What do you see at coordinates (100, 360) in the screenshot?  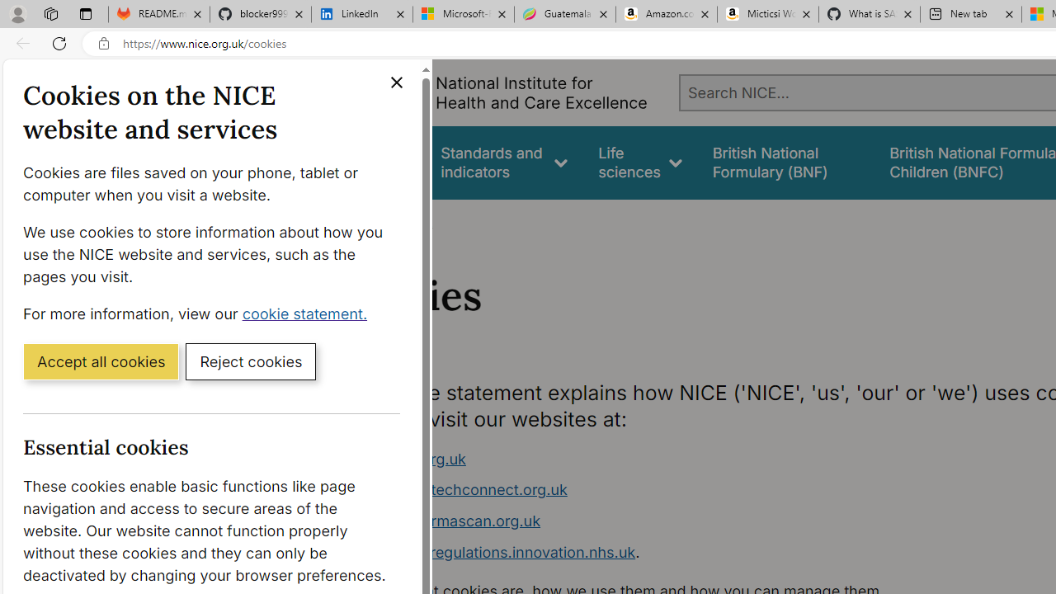 I see `'Accept all cookies'` at bounding box center [100, 360].